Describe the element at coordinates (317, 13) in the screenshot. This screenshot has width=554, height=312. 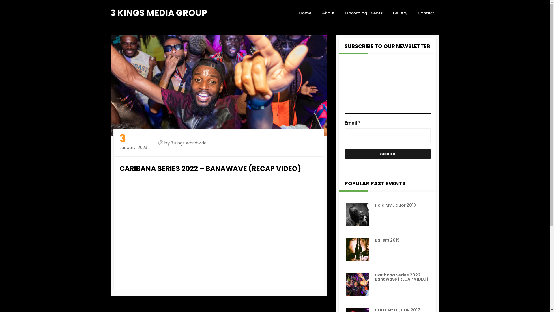
I see `'About'` at that location.